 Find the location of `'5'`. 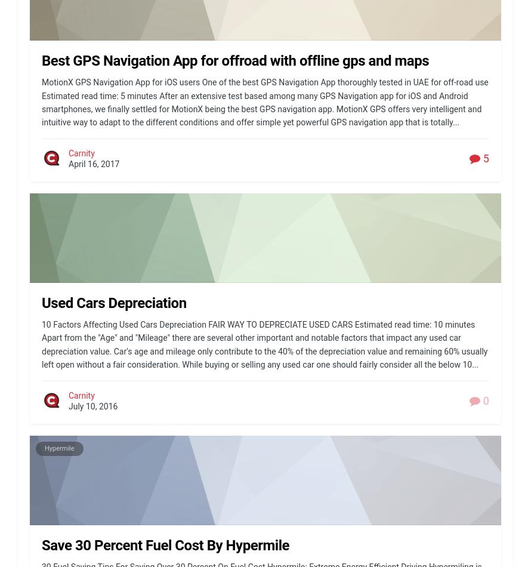

'5' is located at coordinates (484, 158).